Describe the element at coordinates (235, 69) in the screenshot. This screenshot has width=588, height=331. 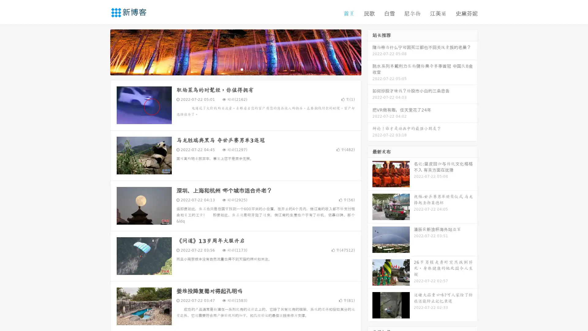
I see `Go to slide 2` at that location.